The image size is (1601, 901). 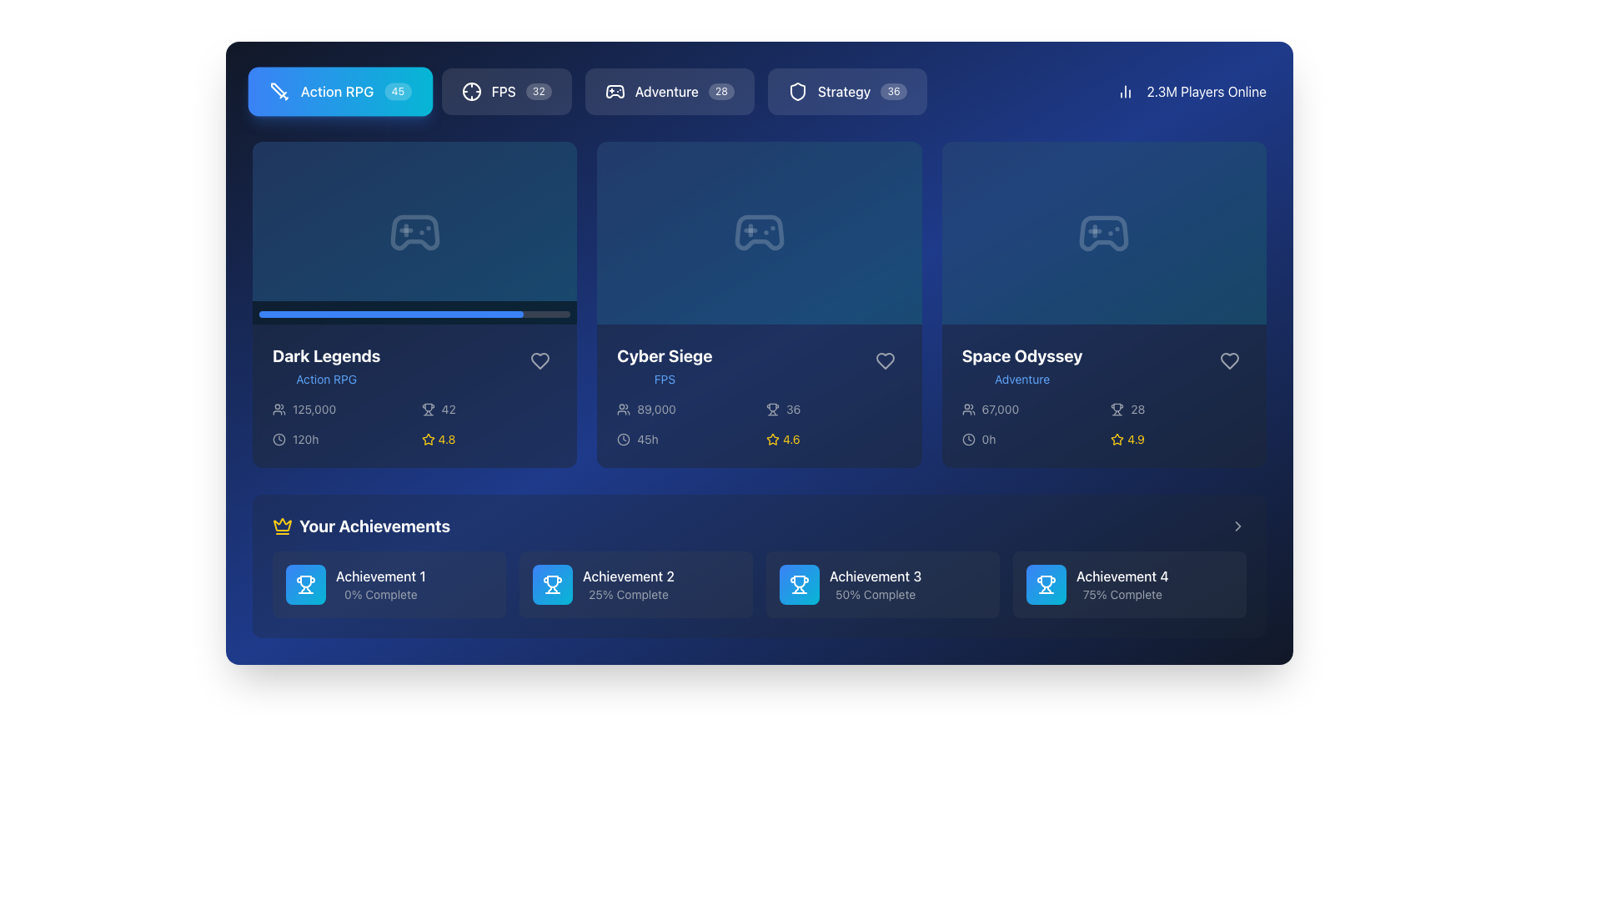 I want to click on displayed text '2.3M Players Online' from the white text label located in the top-right corner of the interface, which has a dark blue background and is positioned next to an icon, so click(x=1207, y=92).